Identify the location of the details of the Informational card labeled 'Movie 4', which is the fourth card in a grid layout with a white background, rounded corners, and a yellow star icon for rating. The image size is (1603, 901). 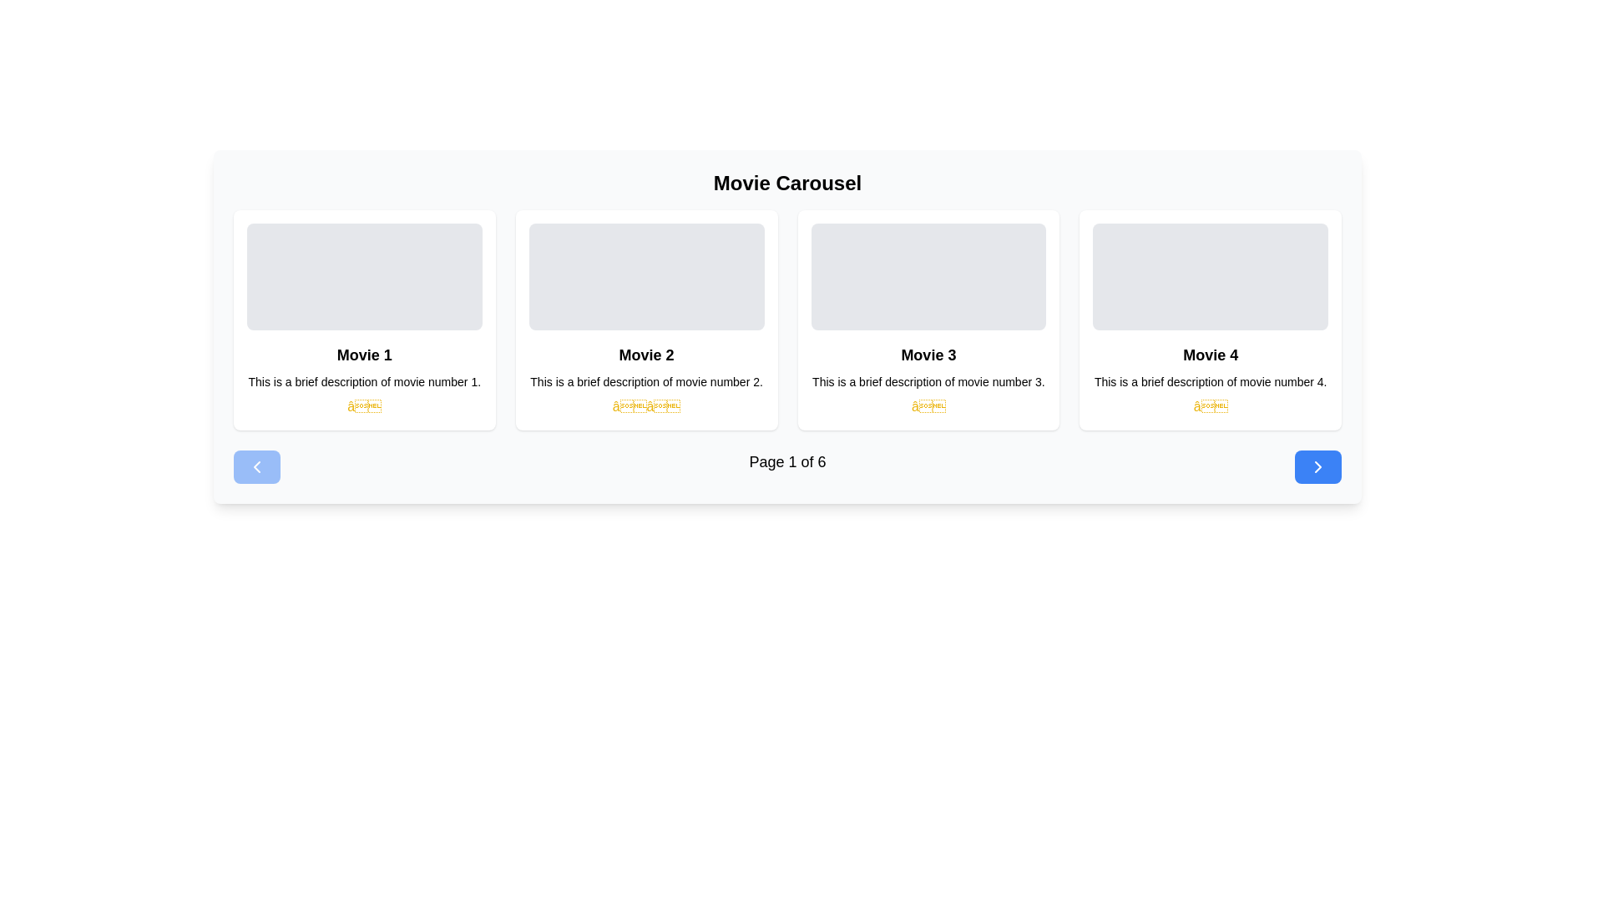
(1211, 320).